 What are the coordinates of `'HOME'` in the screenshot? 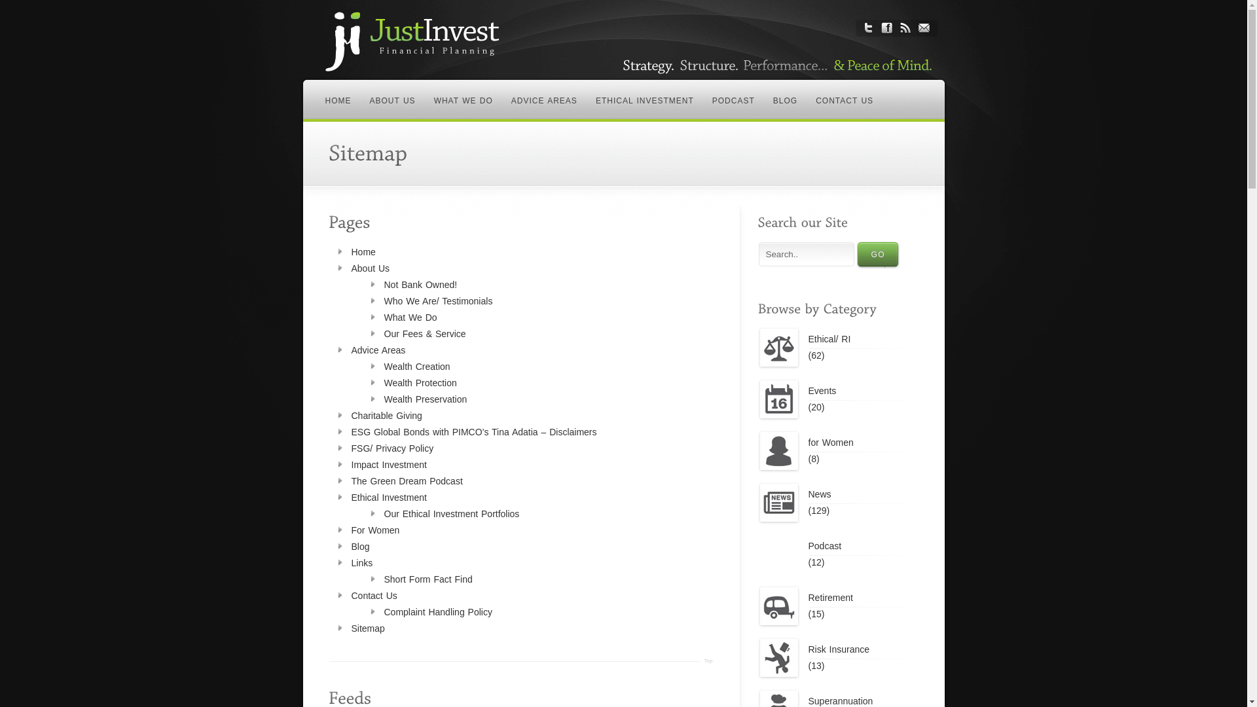 It's located at (315, 100).